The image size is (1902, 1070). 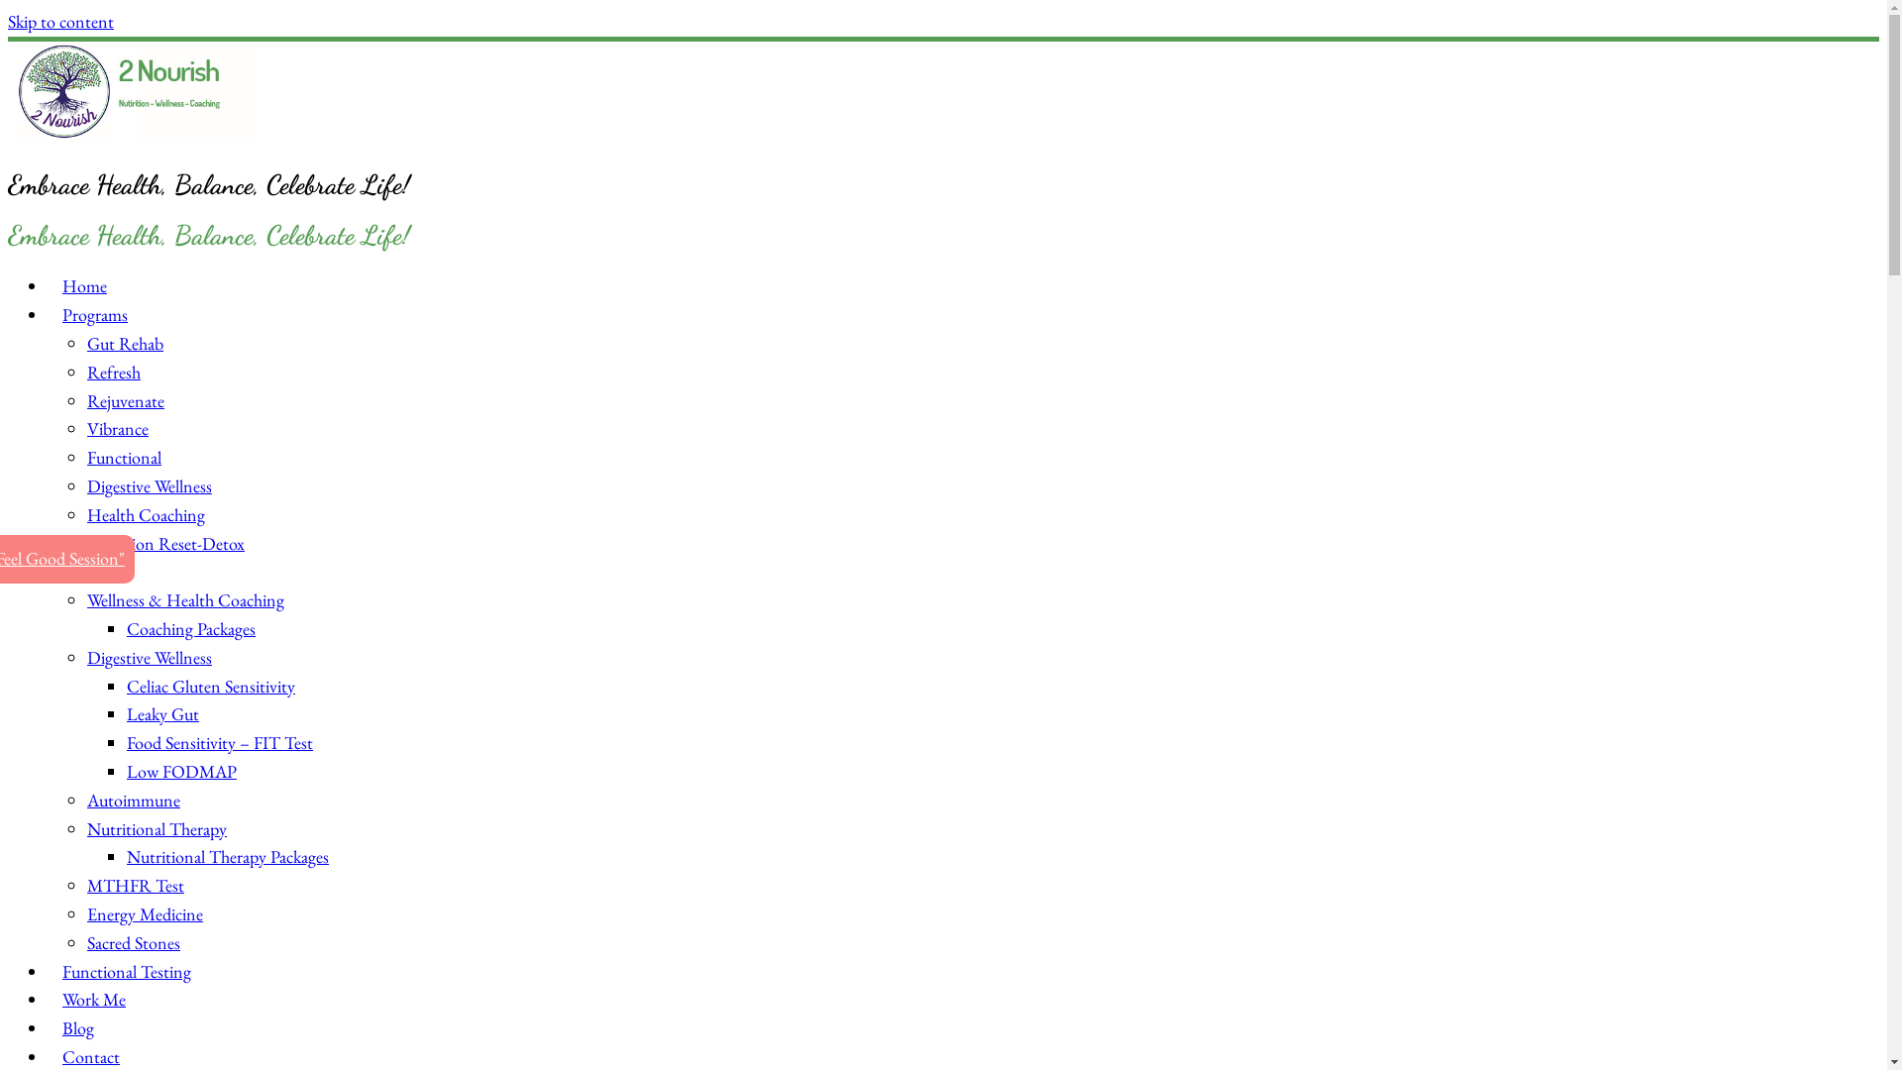 I want to click on 'Wellness & Health Coaching', so click(x=185, y=598).